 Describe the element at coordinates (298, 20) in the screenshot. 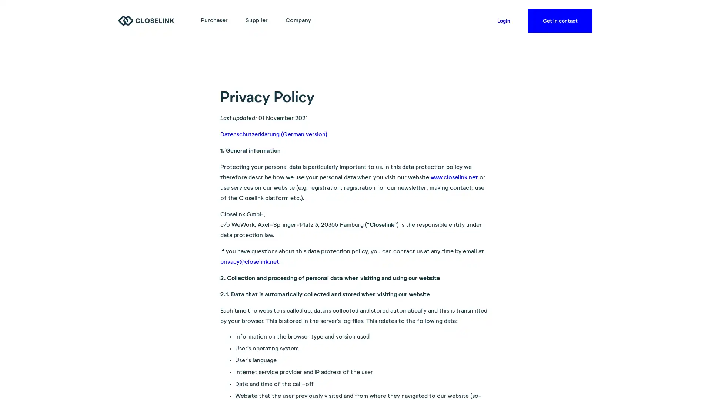

I see `Company` at that location.